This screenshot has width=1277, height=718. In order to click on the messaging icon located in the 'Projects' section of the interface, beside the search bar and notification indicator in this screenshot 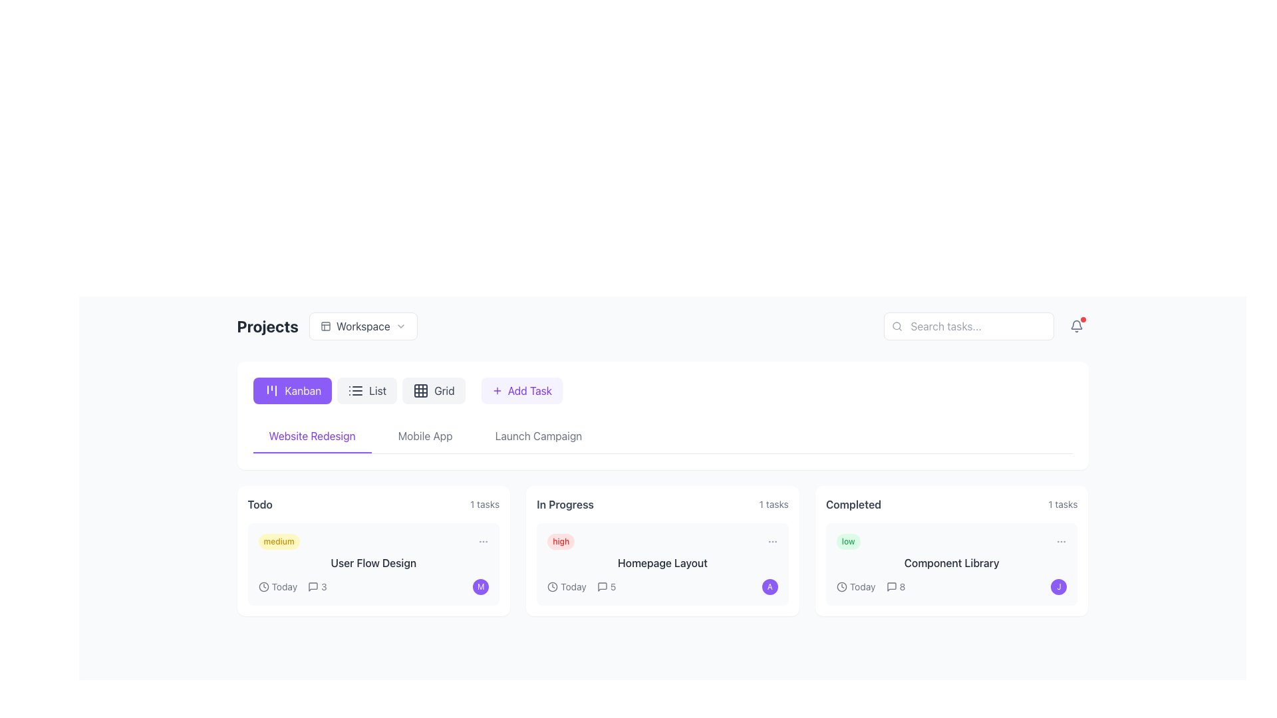, I will do `click(313, 586)`.